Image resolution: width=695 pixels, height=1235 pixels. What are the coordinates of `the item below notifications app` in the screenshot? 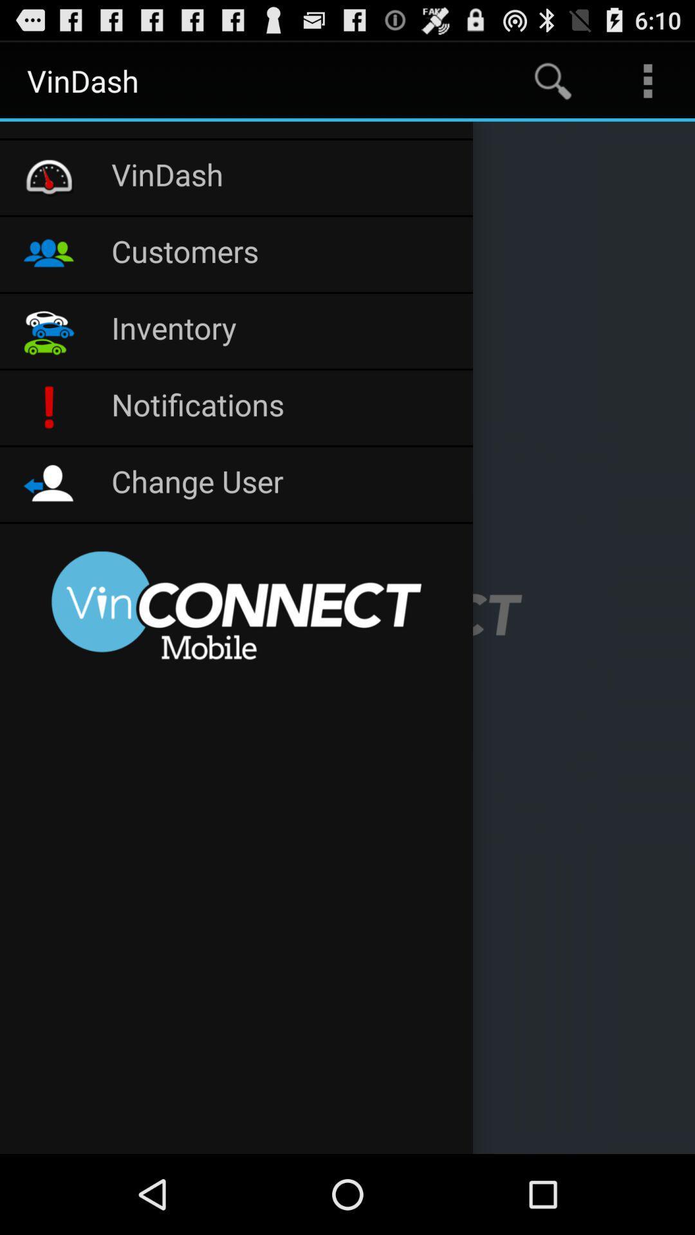 It's located at (284, 484).